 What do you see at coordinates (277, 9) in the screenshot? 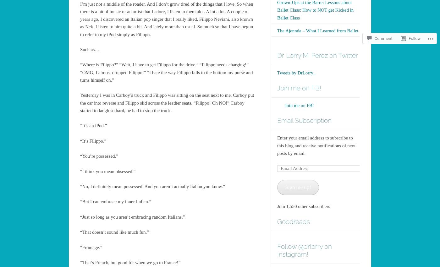
I see `'Grown-Ups at the Barre: Lessons about Ballet Class: How to NOT get Kicked in Ballet Class'` at bounding box center [277, 9].